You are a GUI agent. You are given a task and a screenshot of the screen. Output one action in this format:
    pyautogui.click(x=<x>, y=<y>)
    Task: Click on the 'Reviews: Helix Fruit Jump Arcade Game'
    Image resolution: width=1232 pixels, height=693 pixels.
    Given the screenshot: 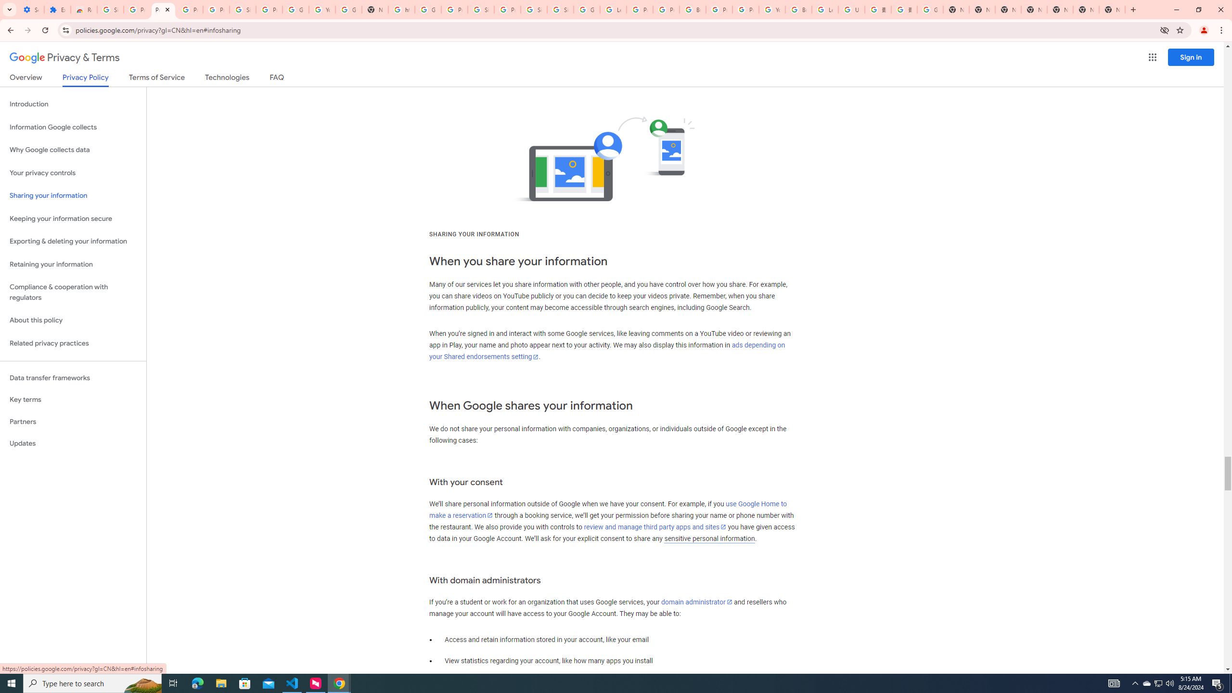 What is the action you would take?
    pyautogui.click(x=84, y=9)
    